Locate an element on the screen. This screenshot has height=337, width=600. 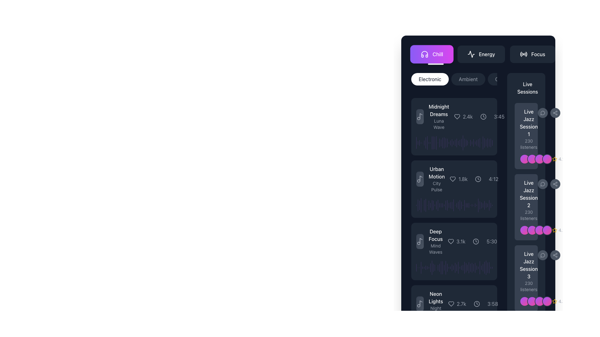
the progress indicator element located under the 'Live Jazz Session 3' section, which is the twenty-sixth element in the vertical sequence of bars is located at coordinates (457, 267).